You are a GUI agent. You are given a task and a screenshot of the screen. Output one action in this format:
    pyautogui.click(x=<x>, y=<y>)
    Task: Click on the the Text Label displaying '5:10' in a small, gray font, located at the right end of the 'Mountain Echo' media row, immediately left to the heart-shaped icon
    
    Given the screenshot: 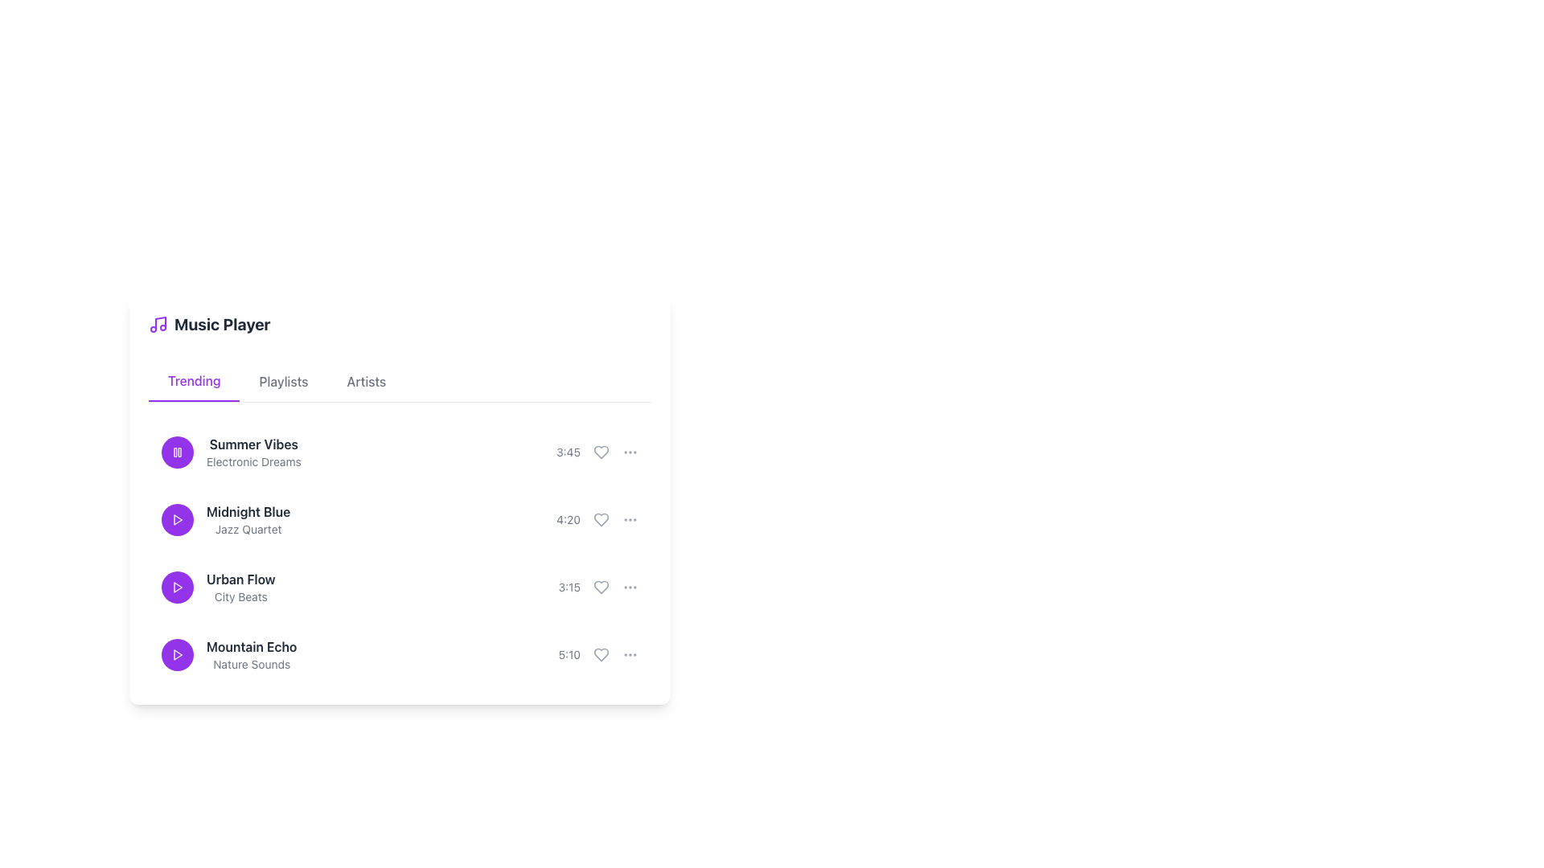 What is the action you would take?
    pyautogui.click(x=597, y=654)
    